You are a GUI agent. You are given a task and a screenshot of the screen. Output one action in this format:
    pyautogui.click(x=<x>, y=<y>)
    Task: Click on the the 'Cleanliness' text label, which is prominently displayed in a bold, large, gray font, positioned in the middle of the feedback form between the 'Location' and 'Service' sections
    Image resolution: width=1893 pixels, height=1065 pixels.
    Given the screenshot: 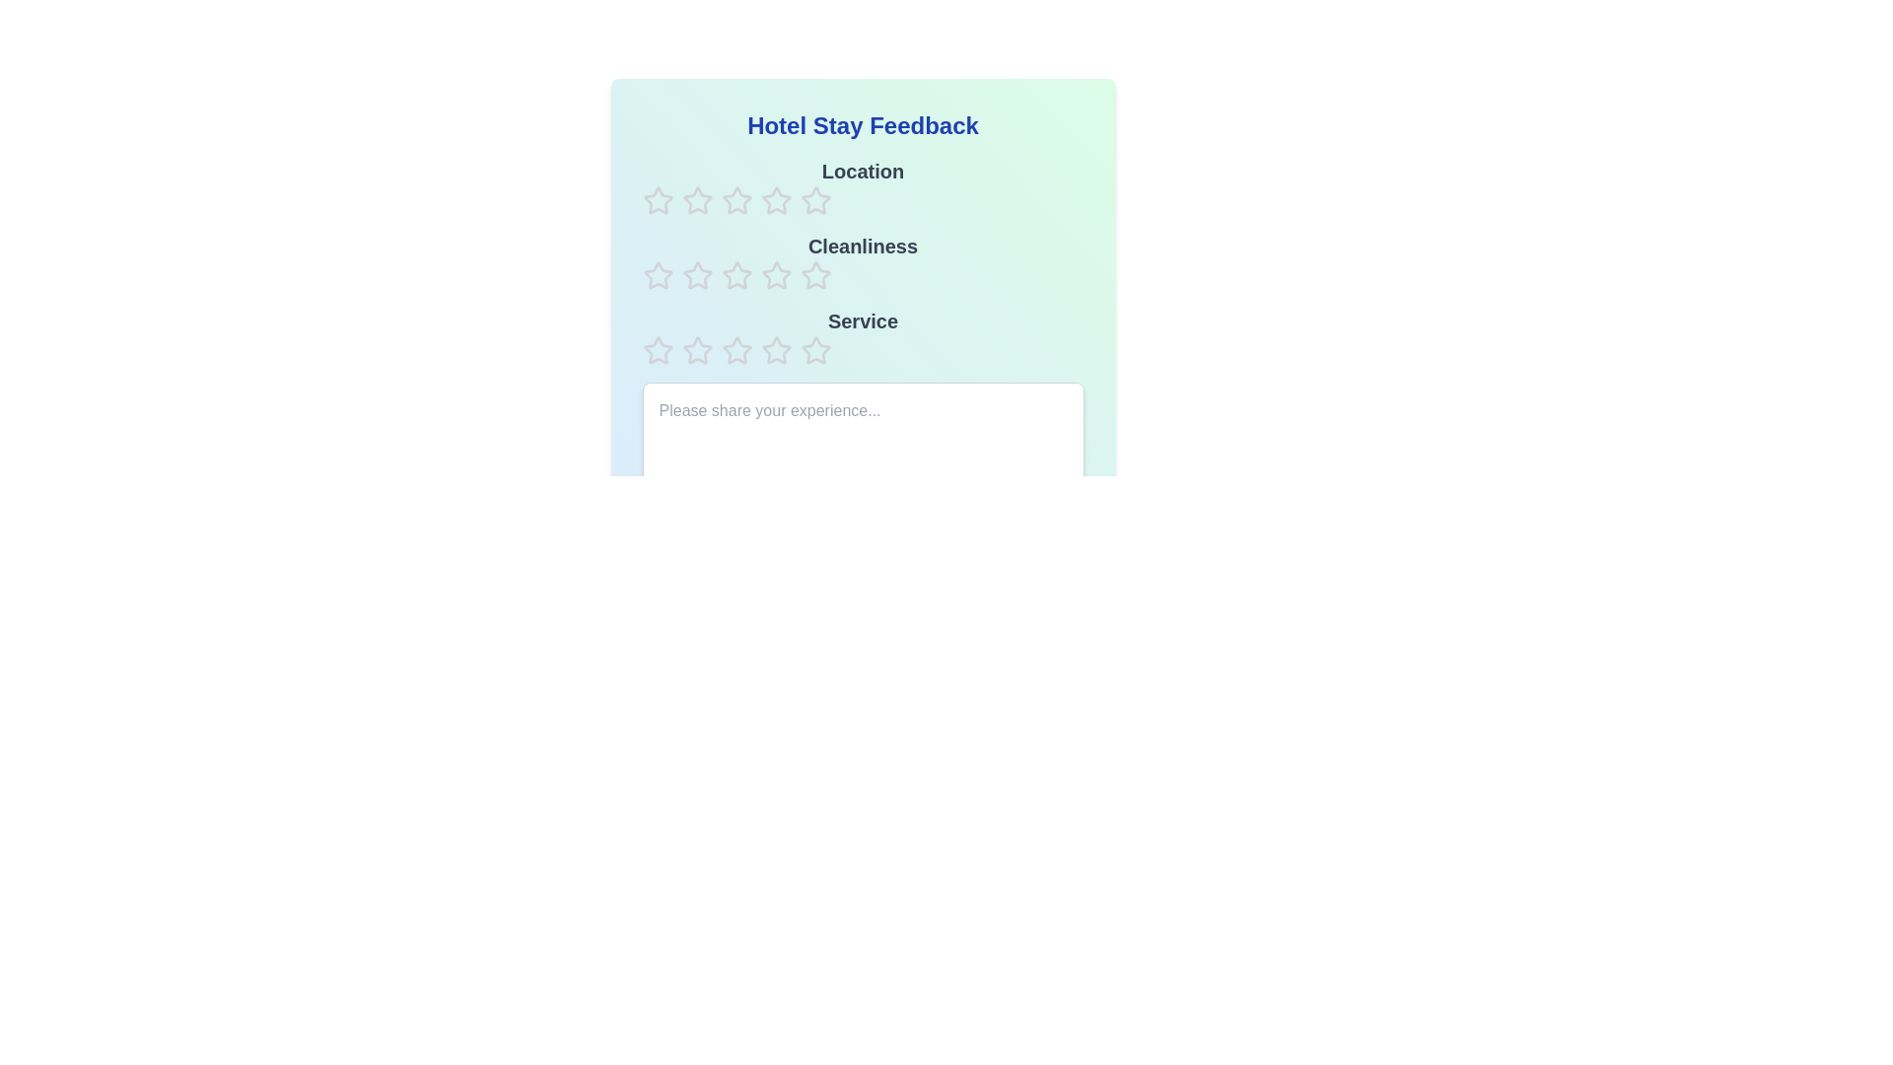 What is the action you would take?
    pyautogui.click(x=863, y=246)
    